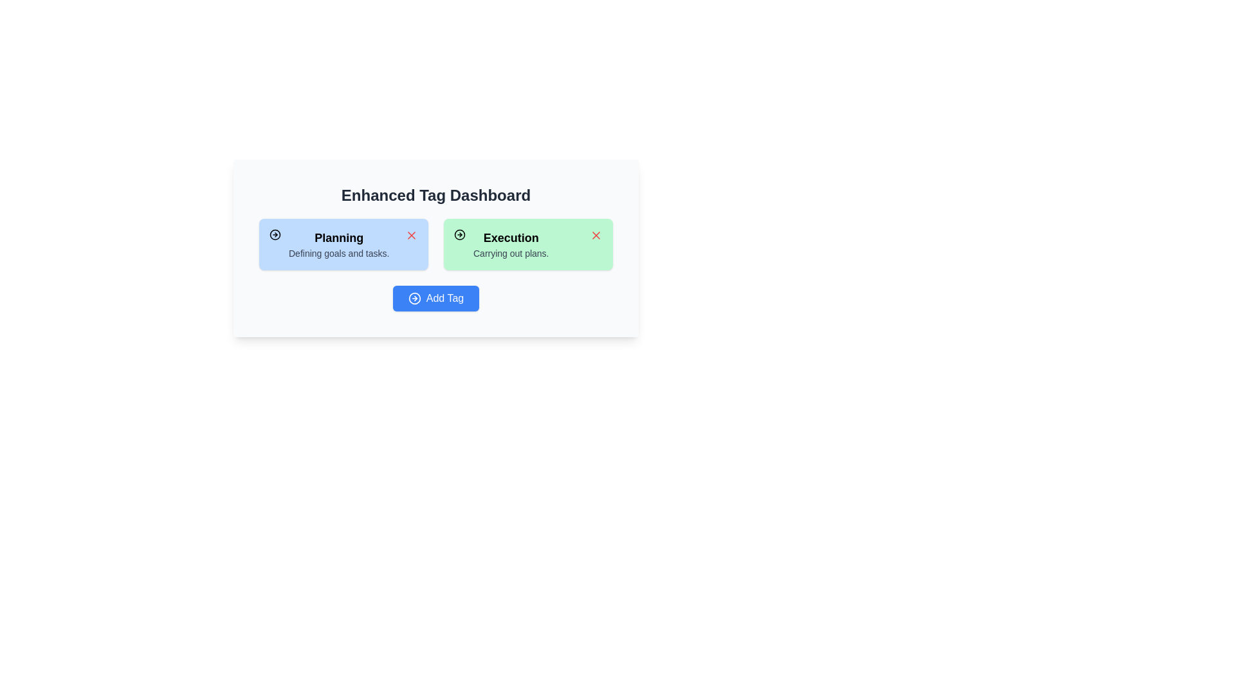 Image resolution: width=1235 pixels, height=695 pixels. Describe the element at coordinates (460, 235) in the screenshot. I see `the circular part of the arrow-right icon, which is adjacent to the 'Execution' card's title within the green background section` at that location.